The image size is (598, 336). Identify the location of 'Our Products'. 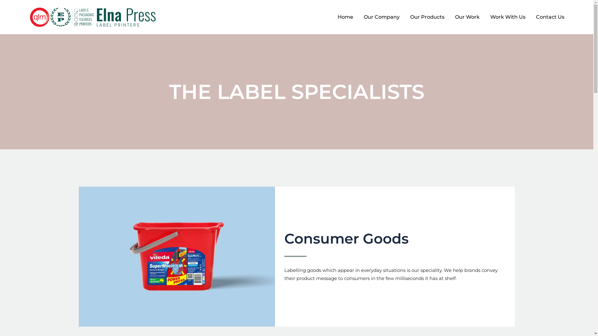
(427, 16).